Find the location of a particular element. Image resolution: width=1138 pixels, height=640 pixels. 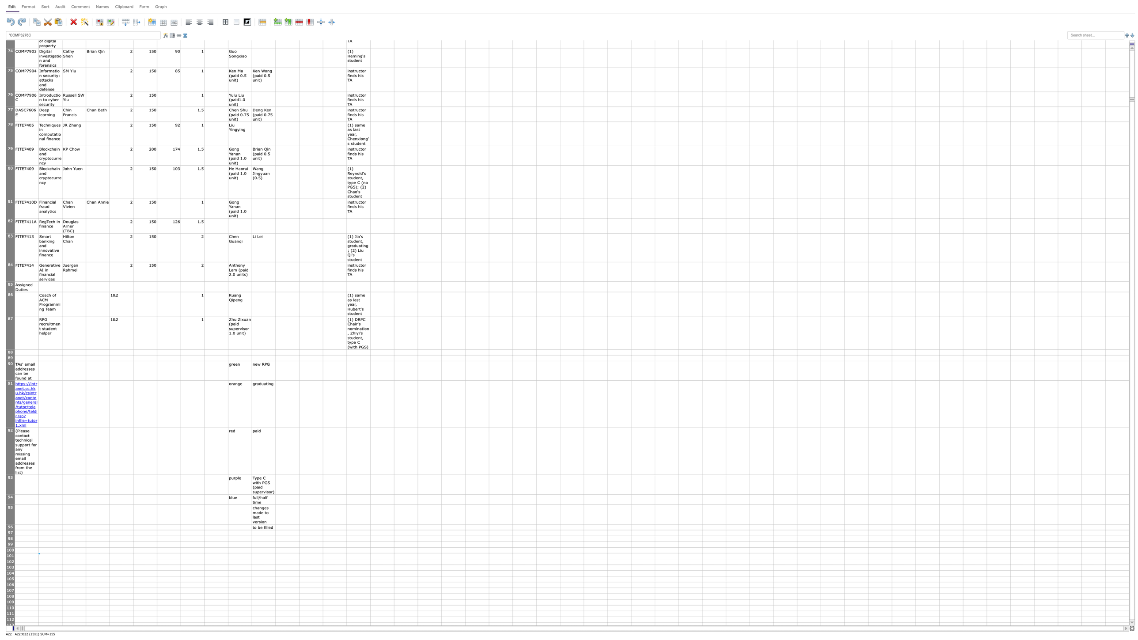

the bottom edge of row 96 header to resize is located at coordinates (10, 529).